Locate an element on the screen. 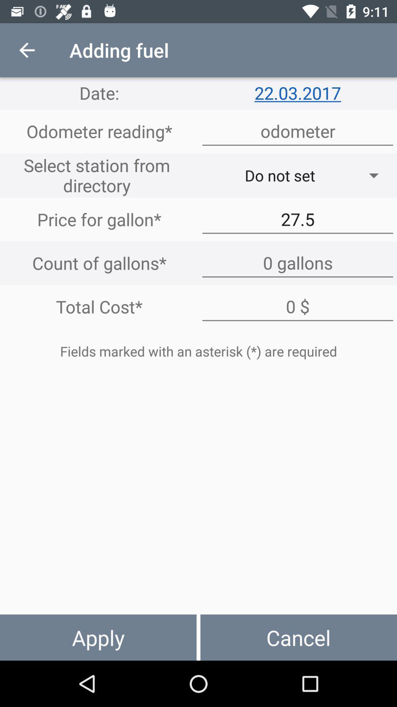  cost input field is located at coordinates (298, 307).